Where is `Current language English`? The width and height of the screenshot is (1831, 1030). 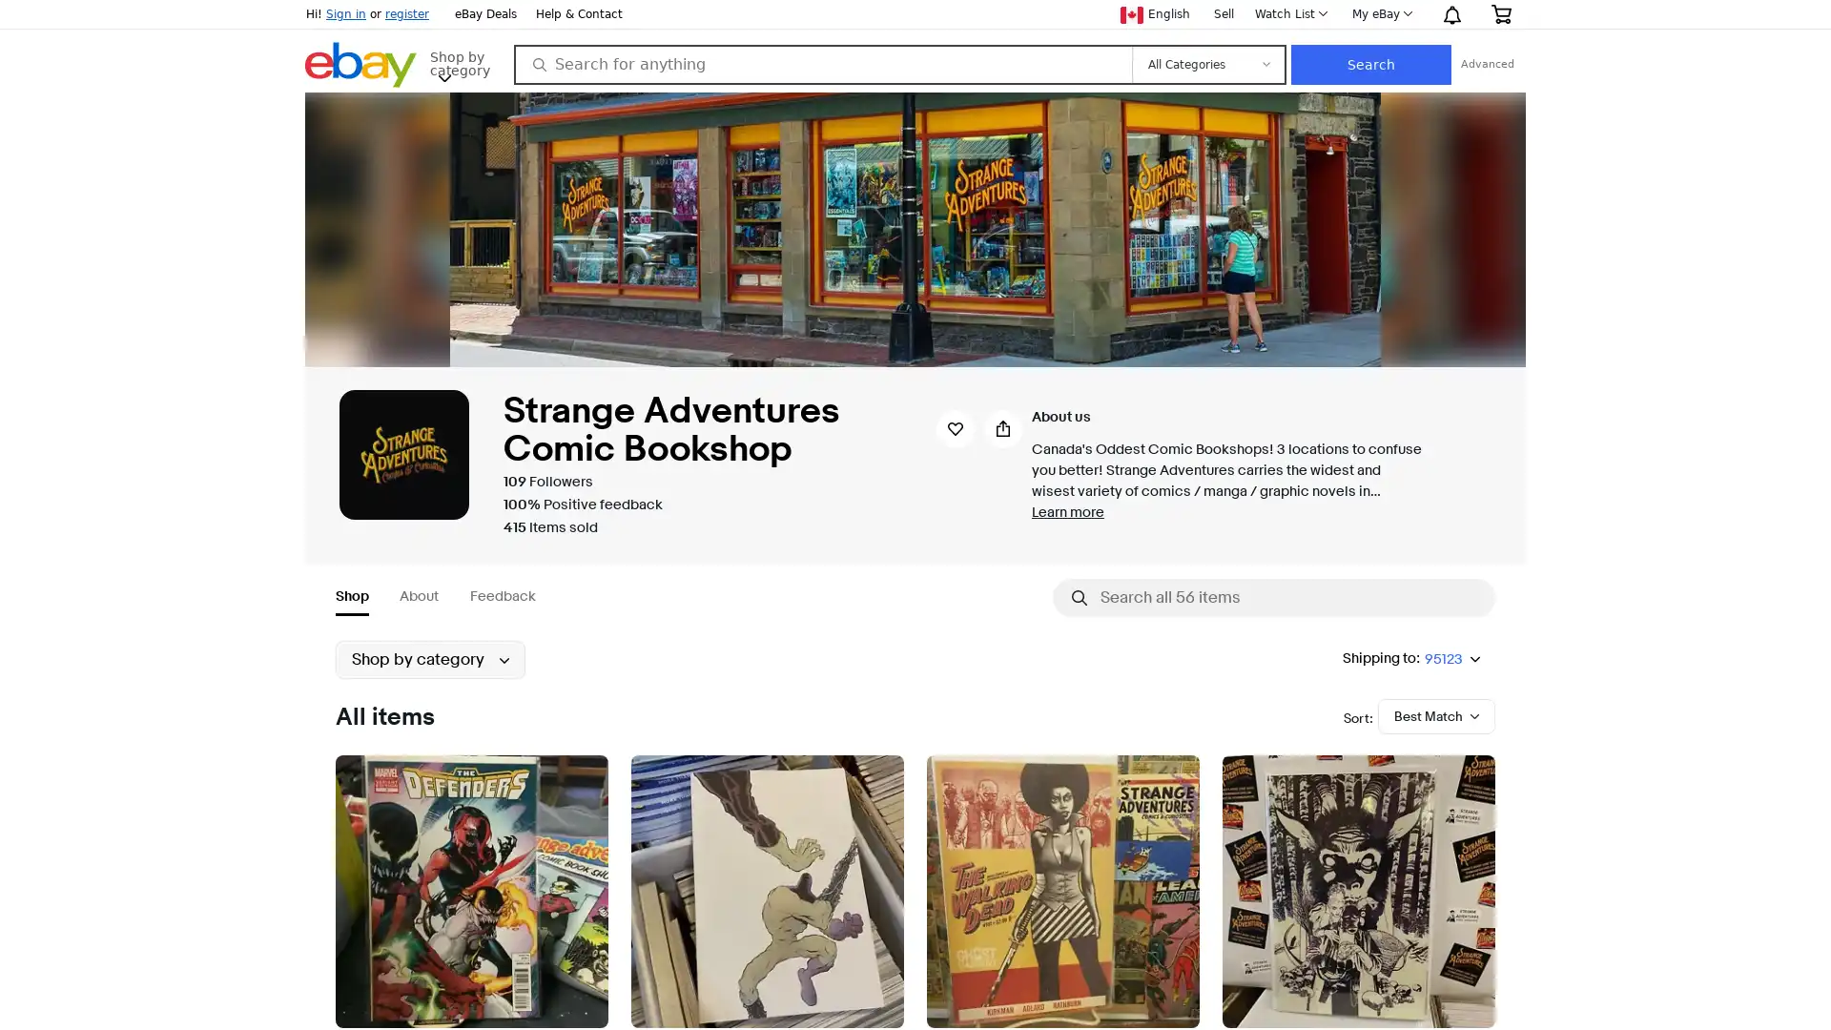 Current language English is located at coordinates (1157, 14).